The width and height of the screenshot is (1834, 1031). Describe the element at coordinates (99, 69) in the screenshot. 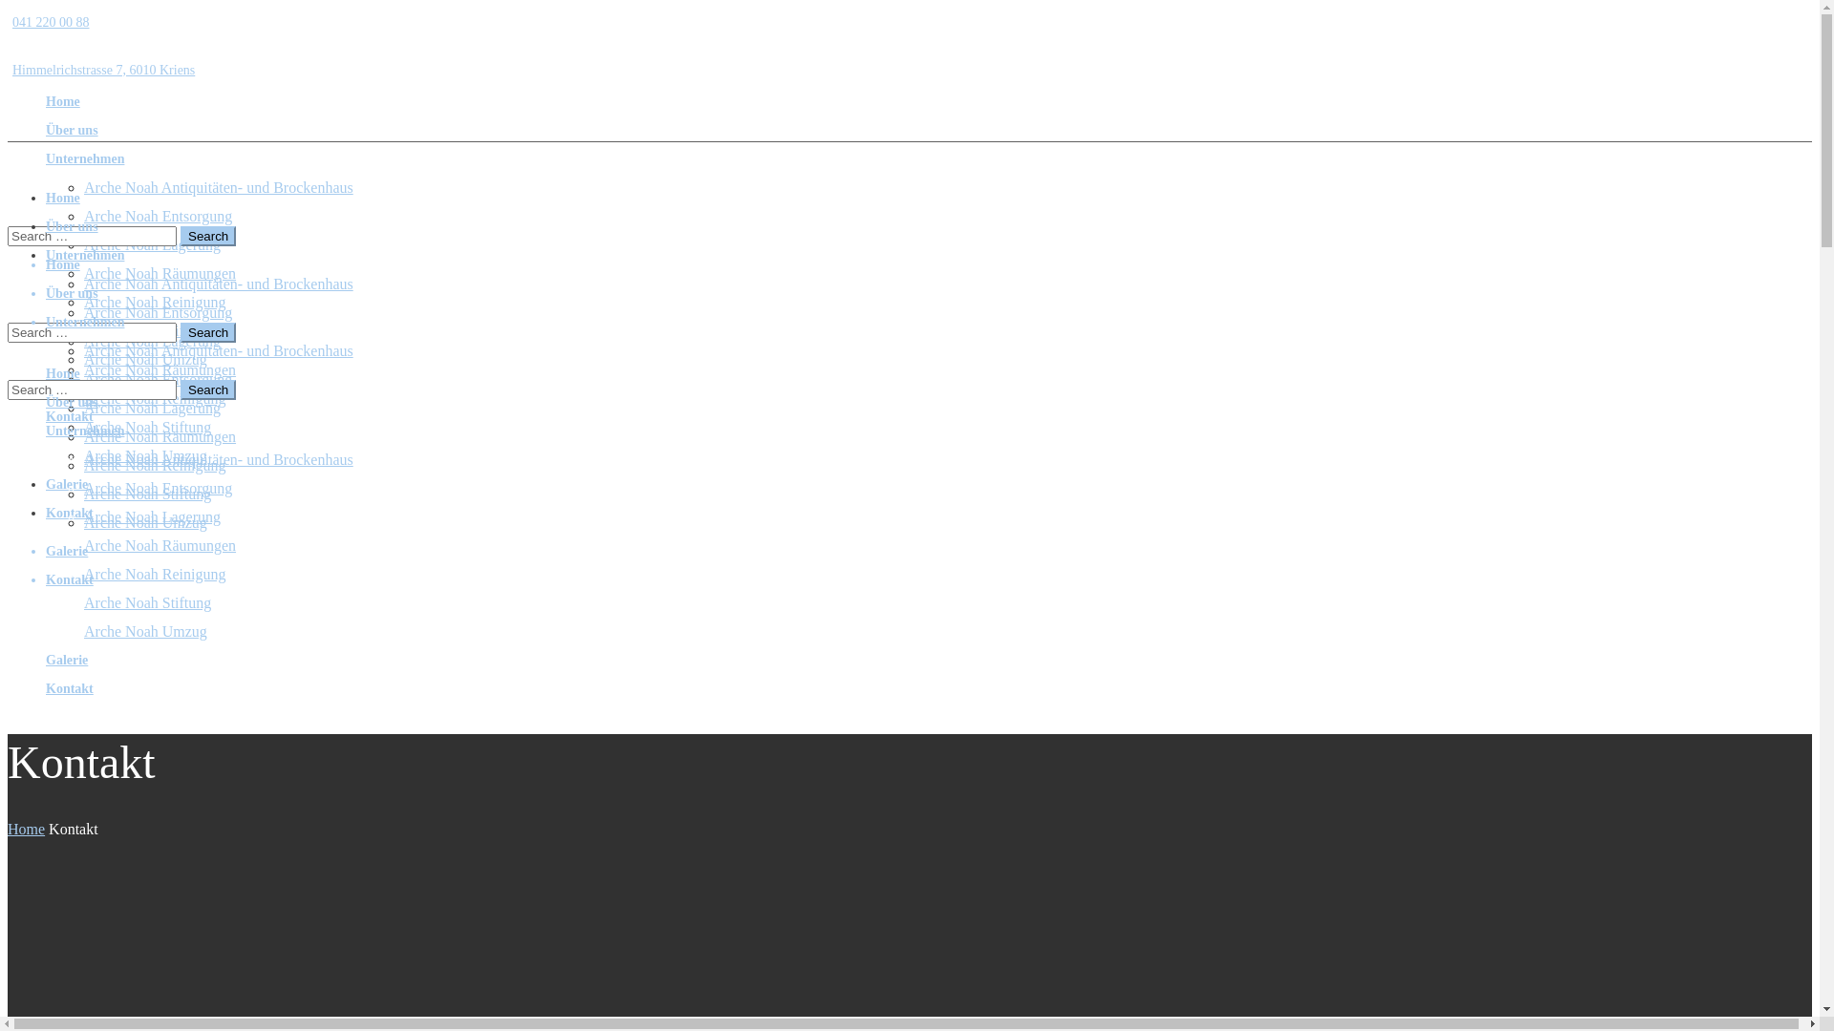

I see `'Himmelrichstrasse 7, 6010 Kriens'` at that location.